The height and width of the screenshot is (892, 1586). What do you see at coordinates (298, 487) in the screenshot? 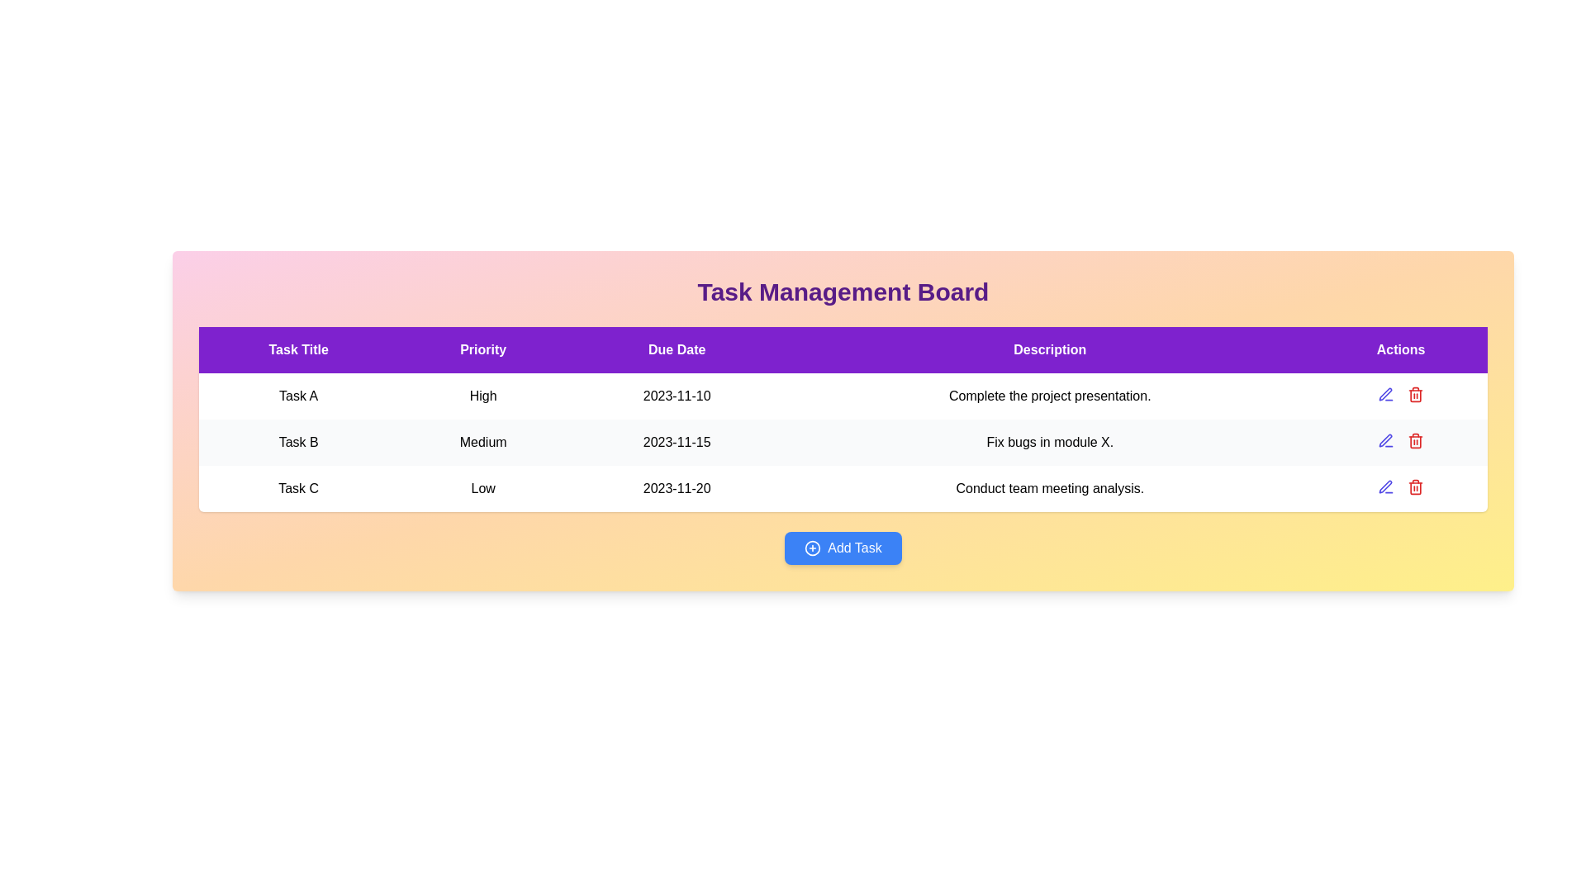
I see `the Text label reading 'Task C' located in the first column, third row of the table under the 'Task Title' header` at bounding box center [298, 487].